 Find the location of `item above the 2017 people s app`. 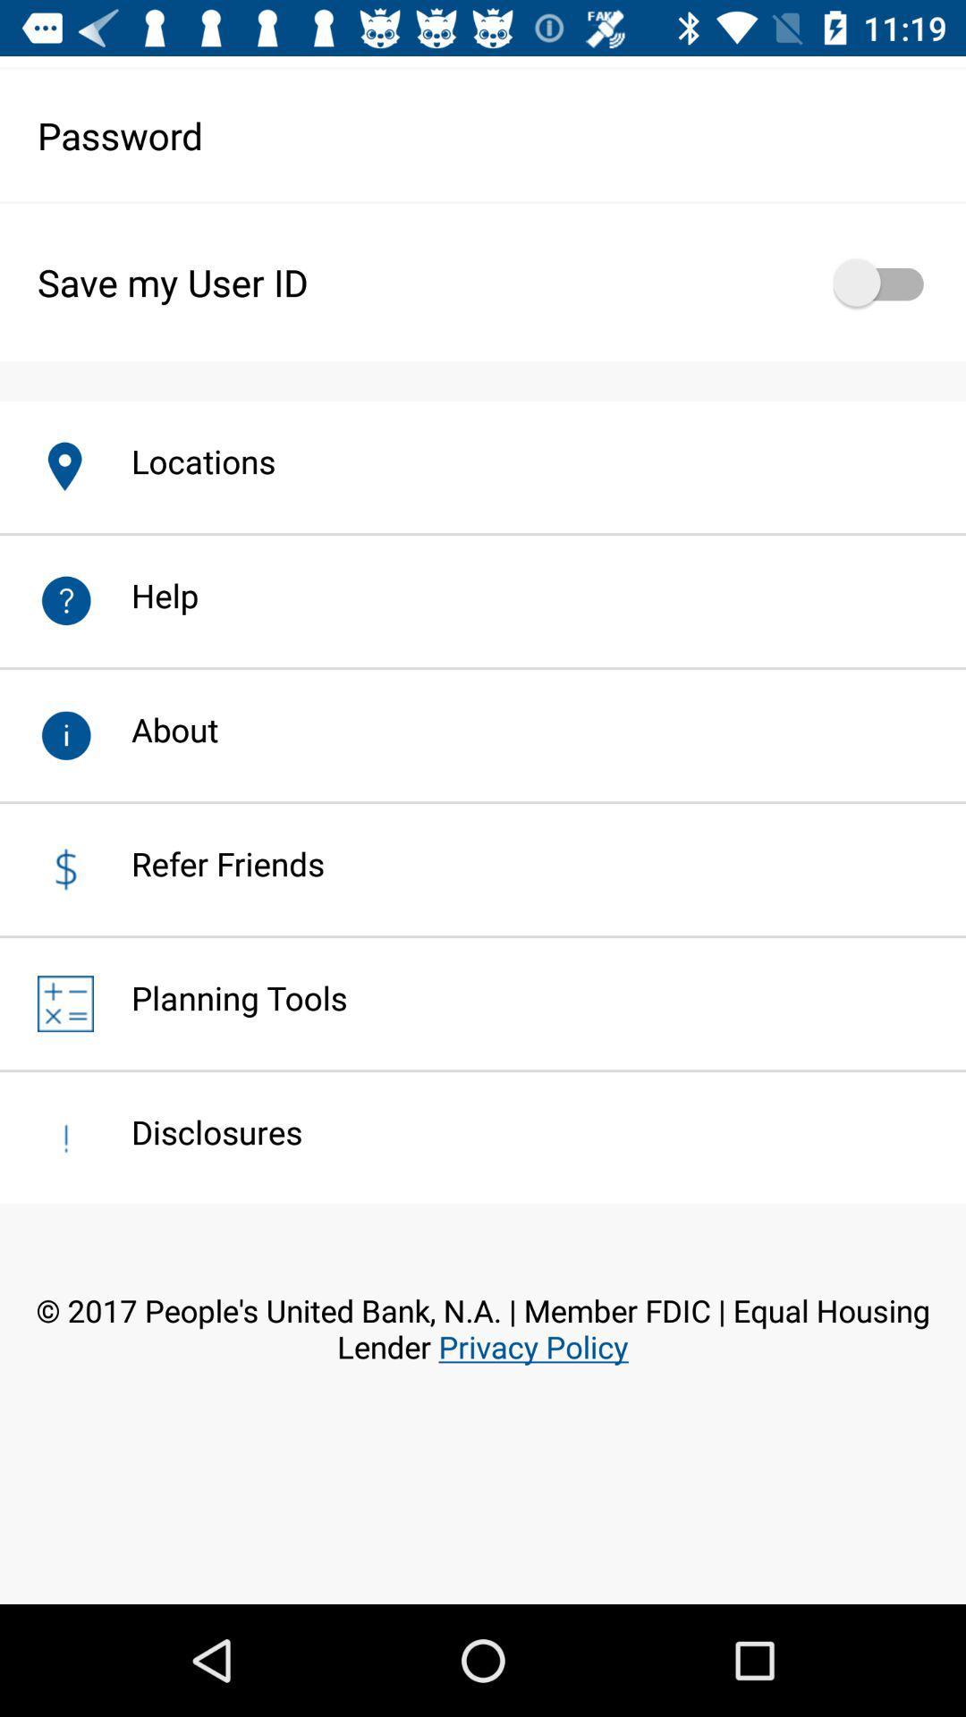

item above the 2017 people s app is located at coordinates (198, 1131).